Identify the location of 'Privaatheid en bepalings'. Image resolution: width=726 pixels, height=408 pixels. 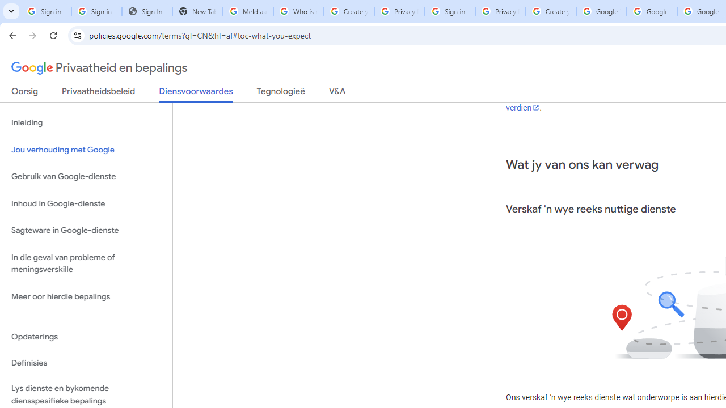
(100, 68).